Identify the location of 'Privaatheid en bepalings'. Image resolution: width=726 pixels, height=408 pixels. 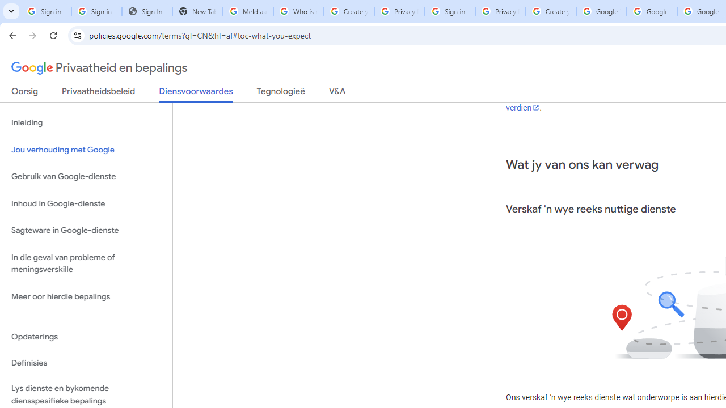
(100, 68).